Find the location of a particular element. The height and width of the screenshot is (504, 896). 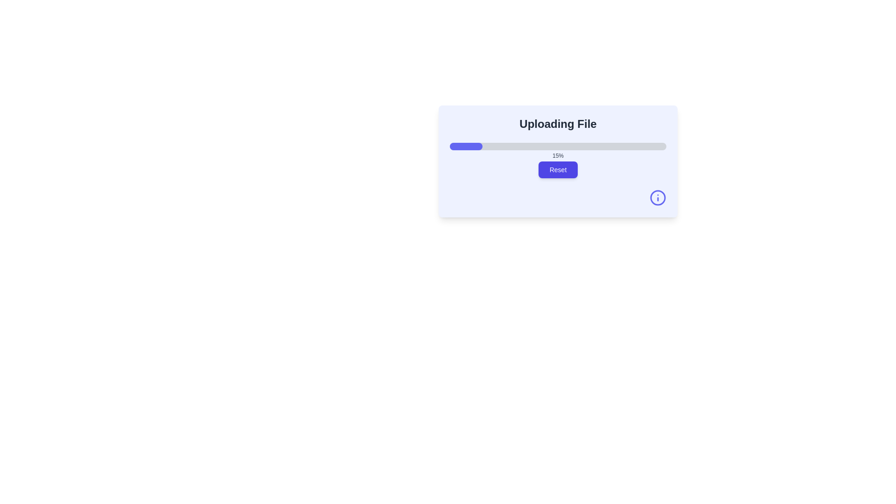

the progress indicator that visually represents 10% completion of the ongoing task, located at the leftmost end of the progress bar is located at coordinates (461, 146).